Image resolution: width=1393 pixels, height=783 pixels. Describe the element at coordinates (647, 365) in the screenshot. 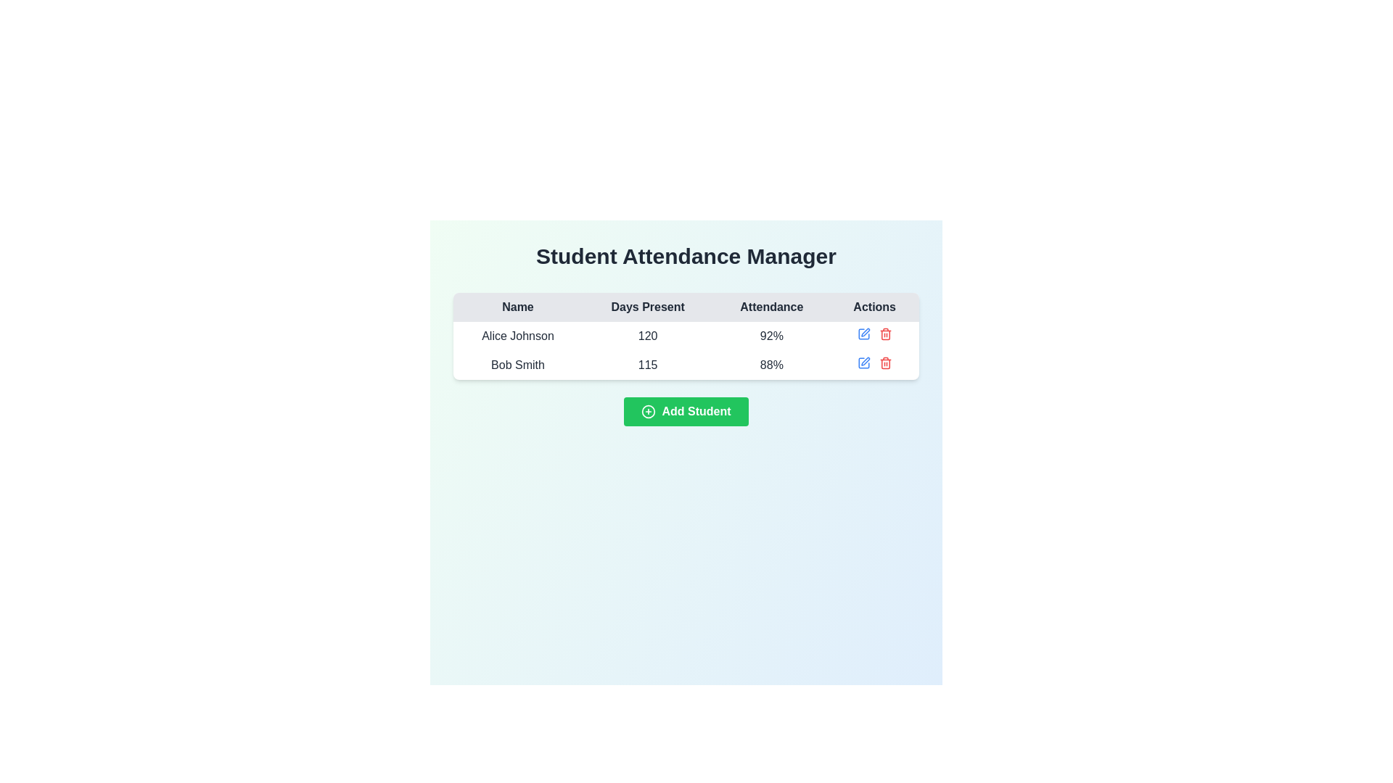

I see `the informational text label displaying the number of days Bob Smith has been present, located in the 'Days Present' column of the data table` at that location.